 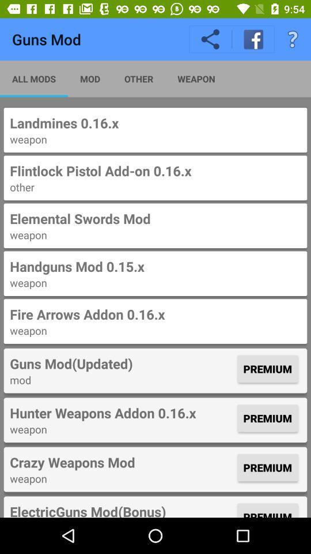 I want to click on item below the mod item, so click(x=122, y=413).